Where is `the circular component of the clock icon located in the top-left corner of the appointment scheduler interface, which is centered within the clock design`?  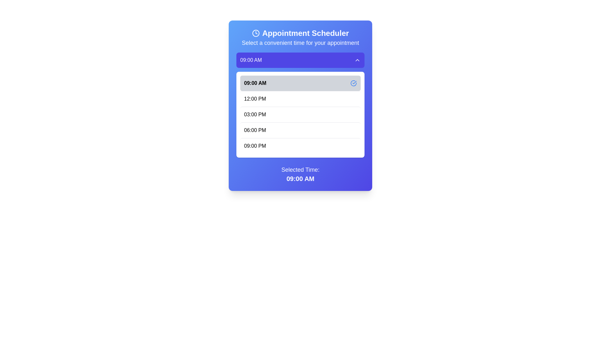 the circular component of the clock icon located in the top-left corner of the appointment scheduler interface, which is centered within the clock design is located at coordinates (255, 33).